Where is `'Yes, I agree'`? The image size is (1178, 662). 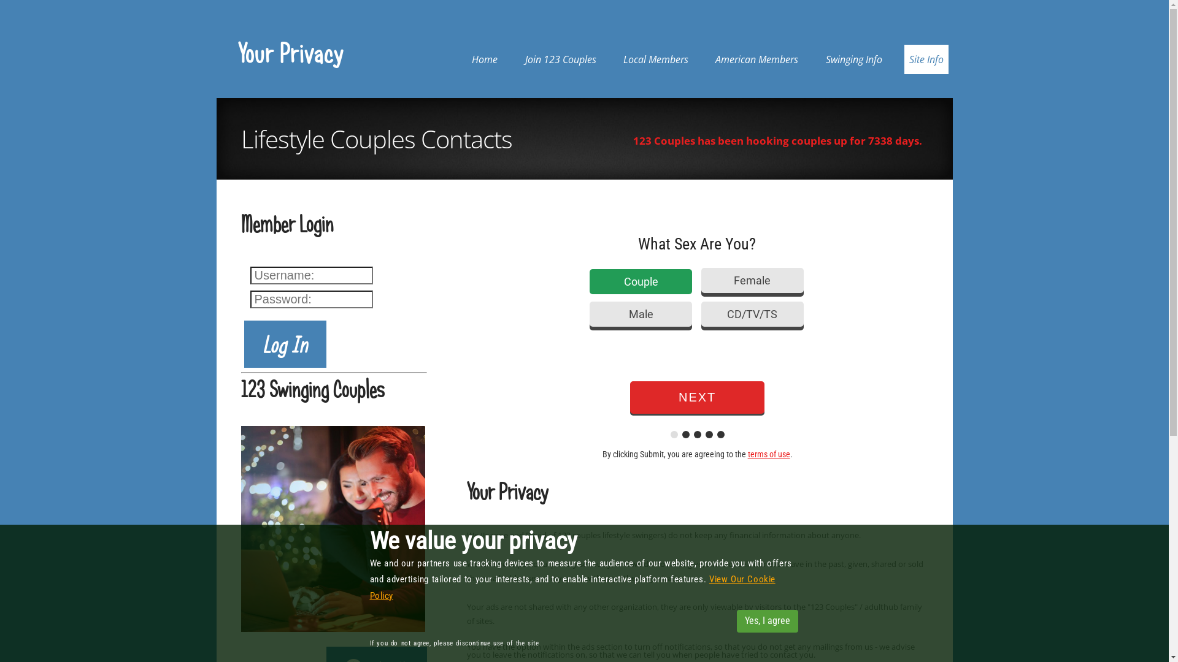 'Yes, I agree' is located at coordinates (766, 621).